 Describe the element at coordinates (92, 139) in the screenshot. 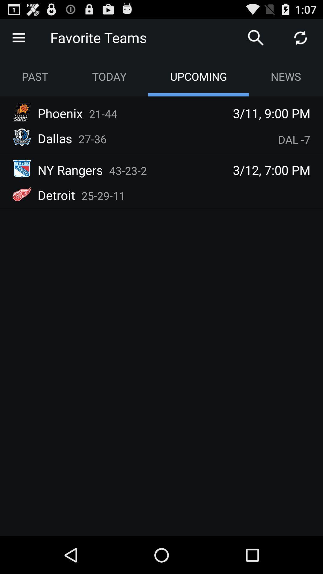

I see `27-36 app` at that location.